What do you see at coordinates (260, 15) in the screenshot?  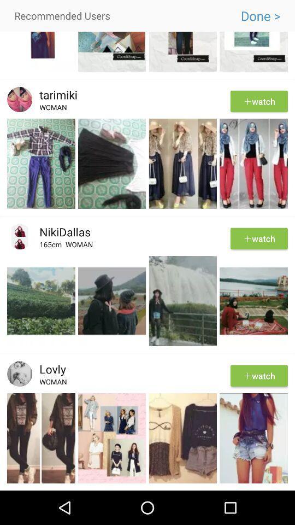 I see `icon to the right of recommended users item` at bounding box center [260, 15].